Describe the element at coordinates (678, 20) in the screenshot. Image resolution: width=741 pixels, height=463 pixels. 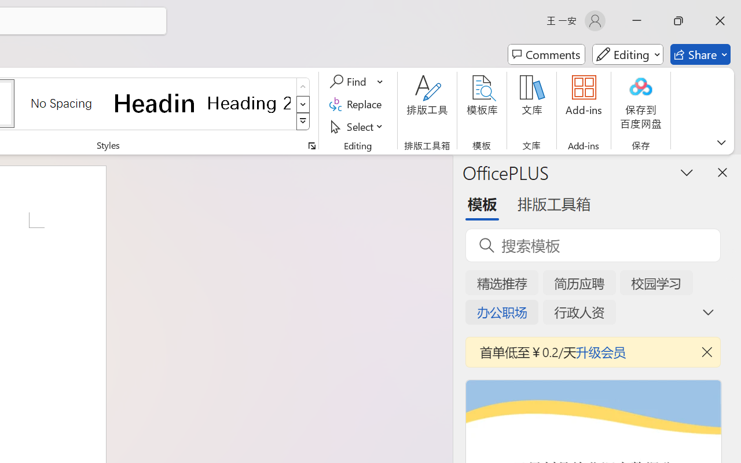
I see `'Restore Down'` at that location.